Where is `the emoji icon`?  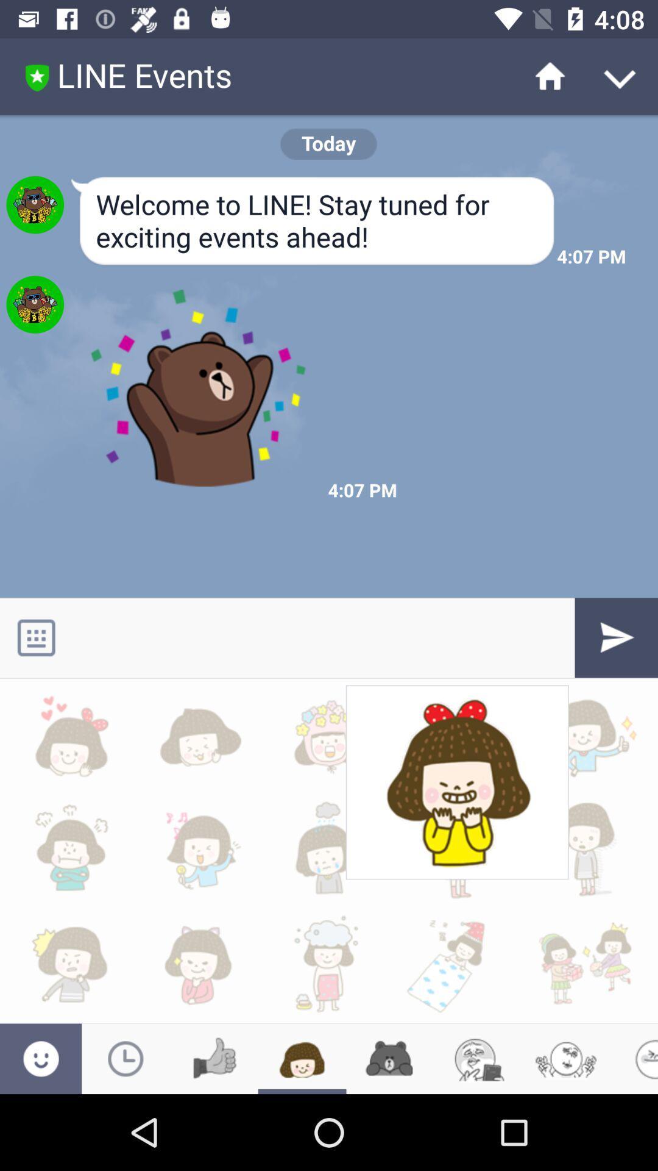 the emoji icon is located at coordinates (478, 1058).